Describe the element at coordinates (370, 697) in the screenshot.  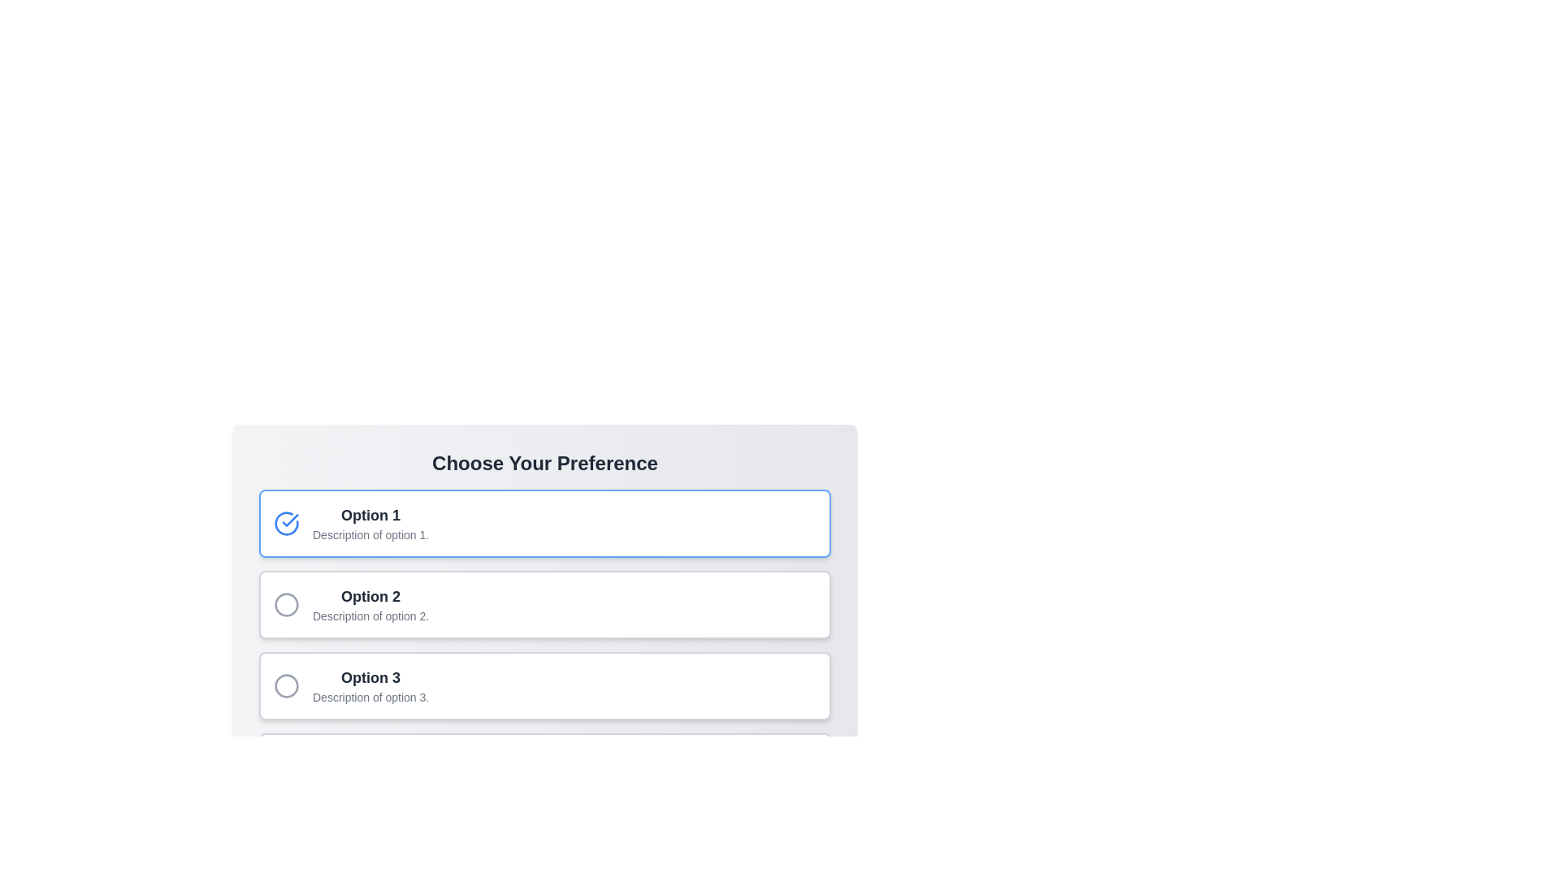
I see `the text label containing 'Description of option 3.' located beneath the 'Option 3' label` at that location.